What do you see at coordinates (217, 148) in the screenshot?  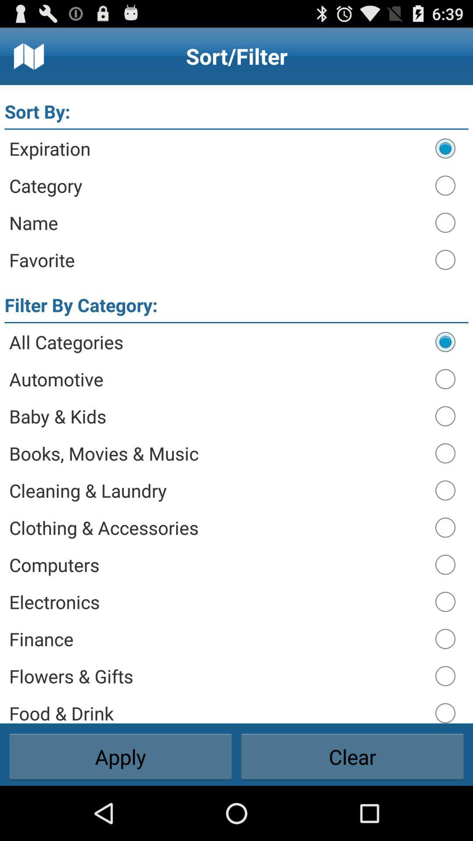 I see `app above the category icon` at bounding box center [217, 148].